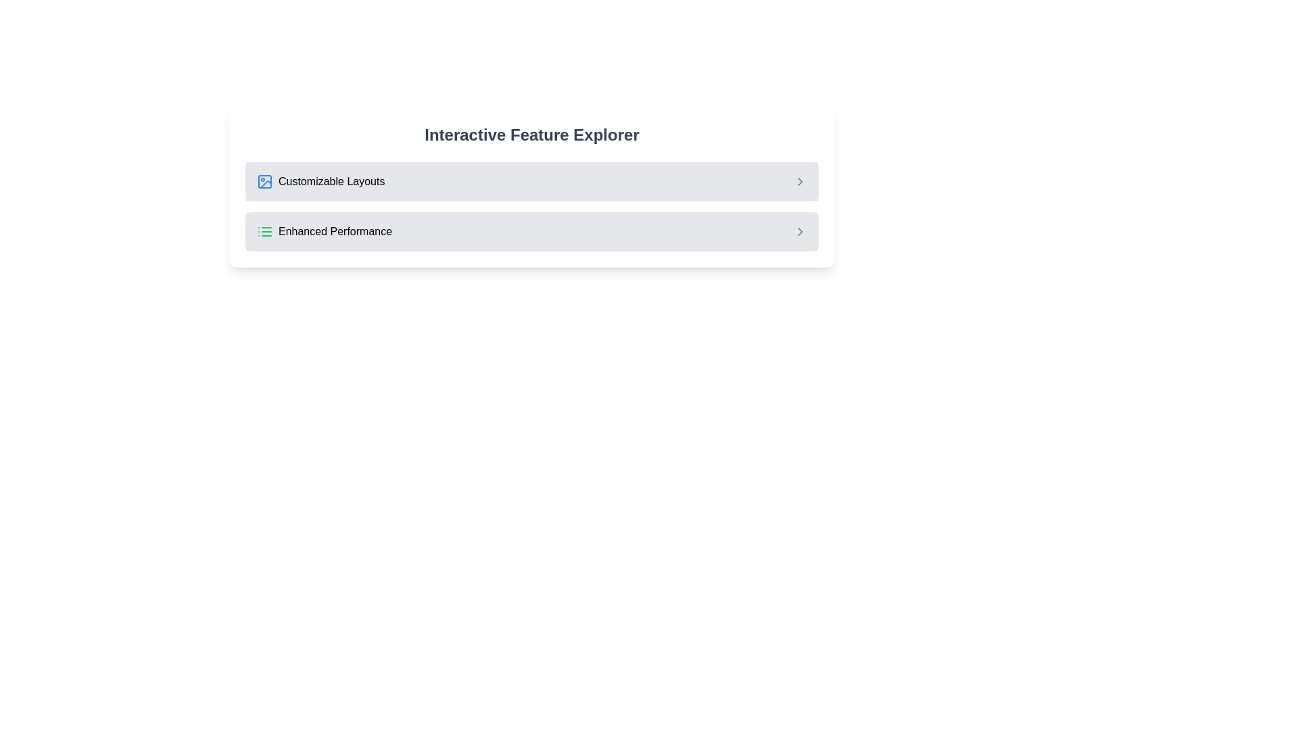 Image resolution: width=1298 pixels, height=730 pixels. I want to click on the right-pointing chevron icon located on the far-right side of the 'Enhanced Performance' row, so click(800, 231).